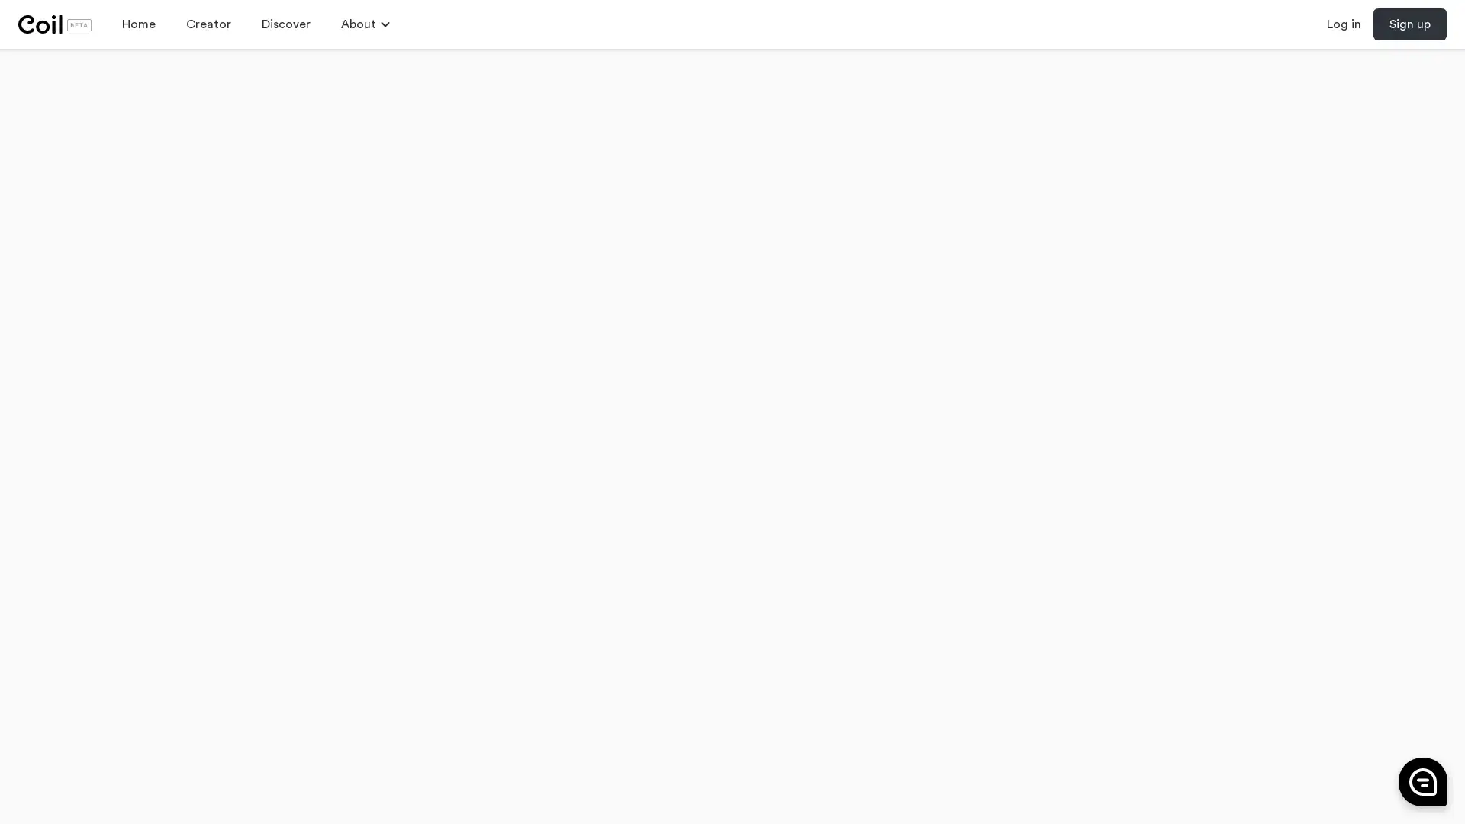  Describe the element at coordinates (1409, 24) in the screenshot. I see `Sign up` at that location.